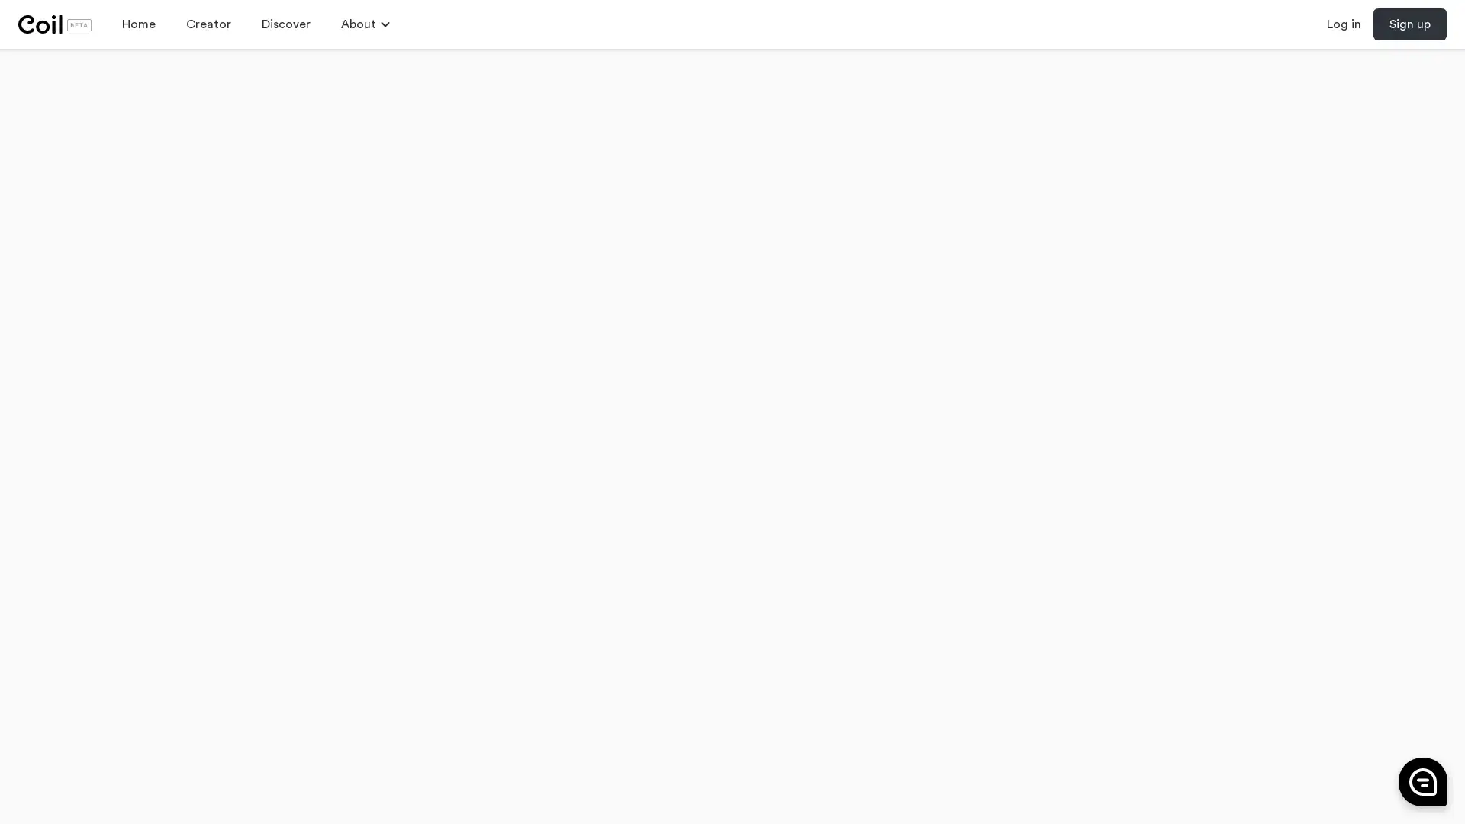  Describe the element at coordinates (1409, 24) in the screenshot. I see `Sign up` at that location.